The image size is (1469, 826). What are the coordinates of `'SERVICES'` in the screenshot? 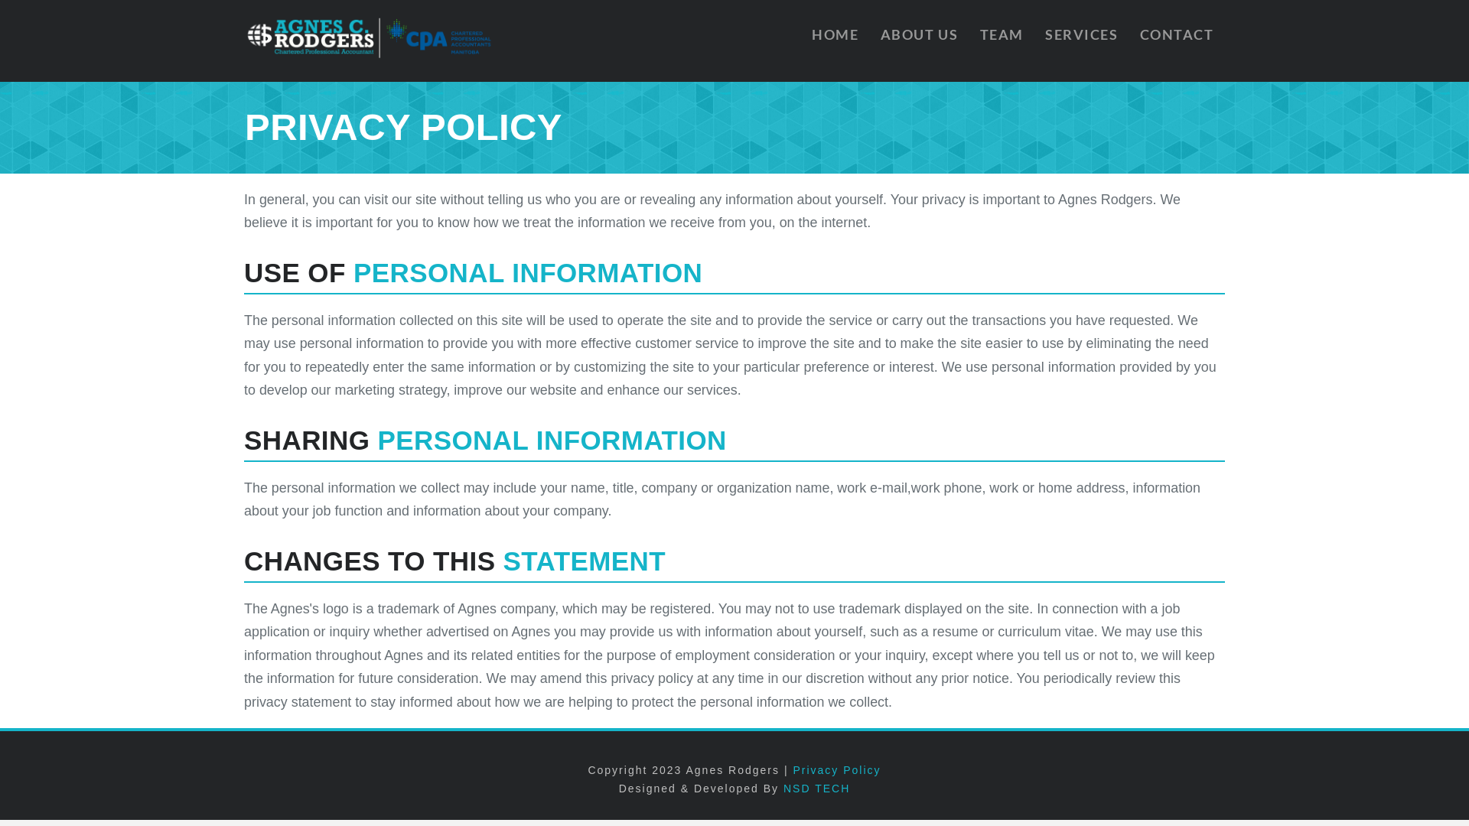 It's located at (1080, 40).